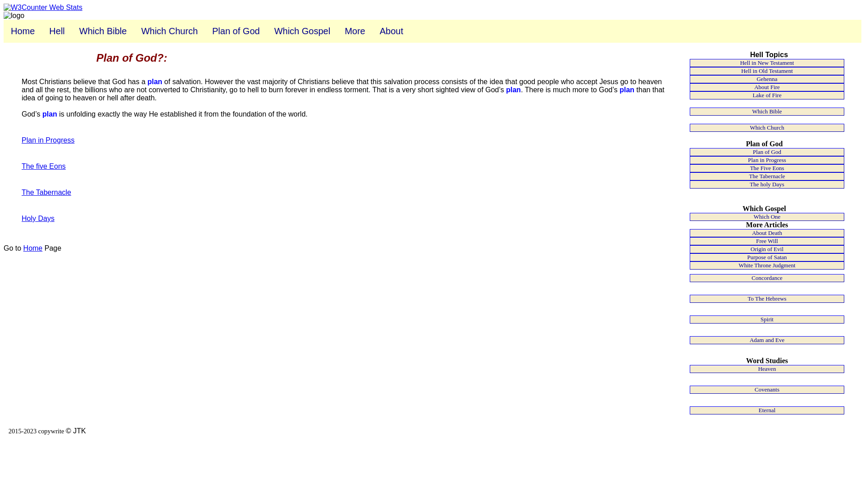 The width and height of the screenshot is (865, 486). Describe the element at coordinates (689, 232) in the screenshot. I see `'About Death'` at that location.